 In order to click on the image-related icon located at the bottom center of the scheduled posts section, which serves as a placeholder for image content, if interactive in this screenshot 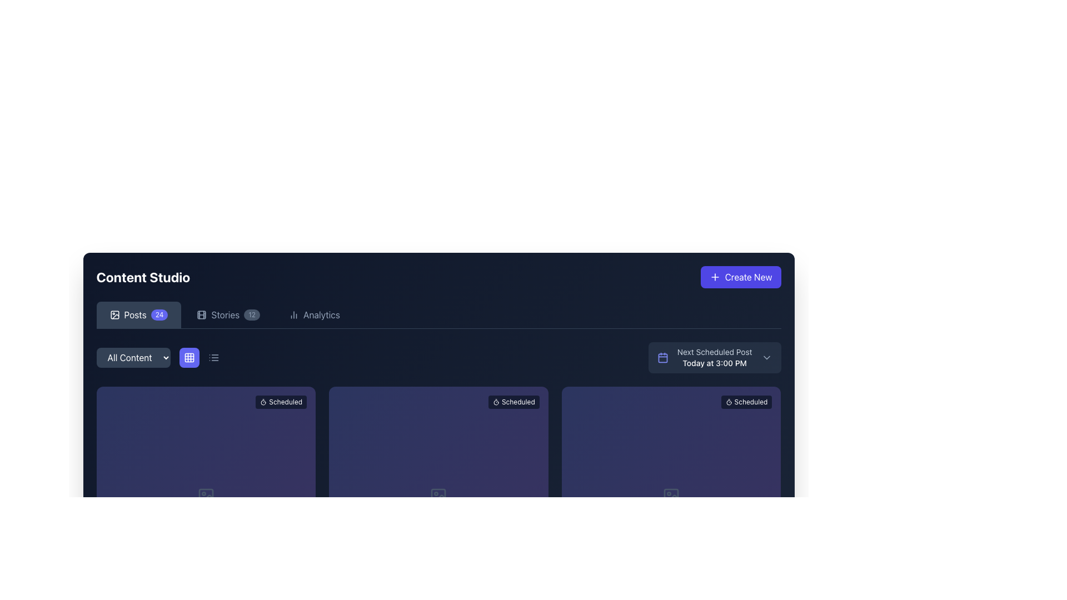, I will do `click(671, 496)`.